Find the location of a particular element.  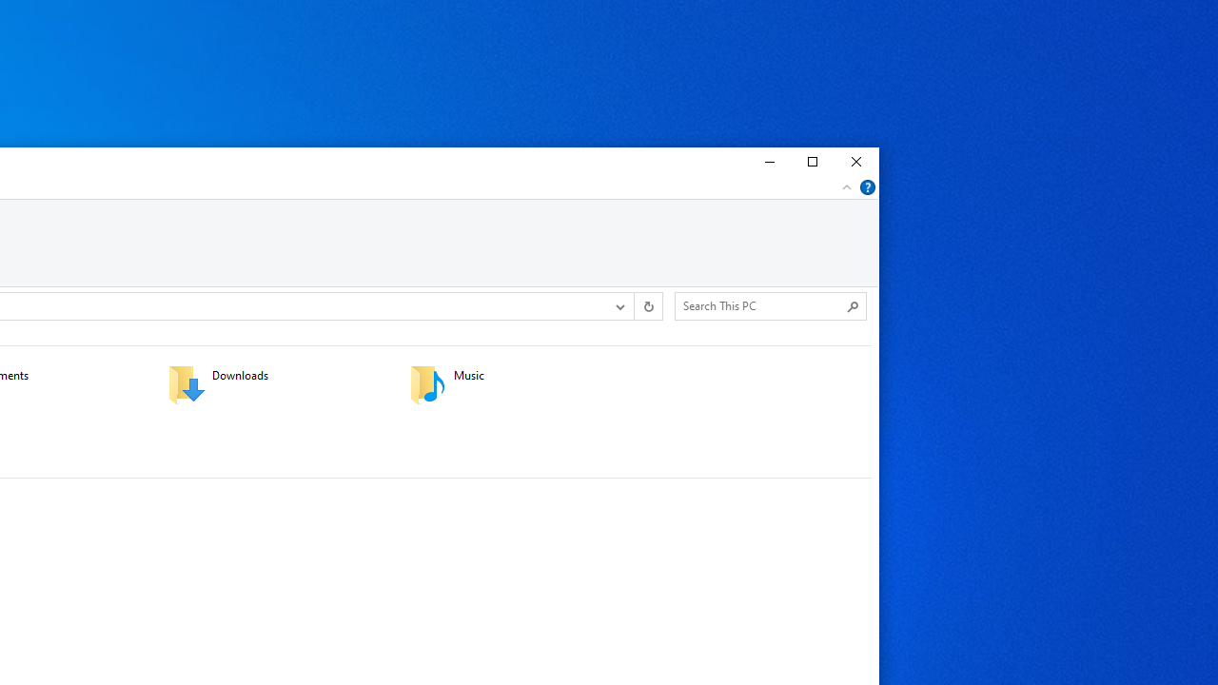

'Music' is located at coordinates (518, 383).